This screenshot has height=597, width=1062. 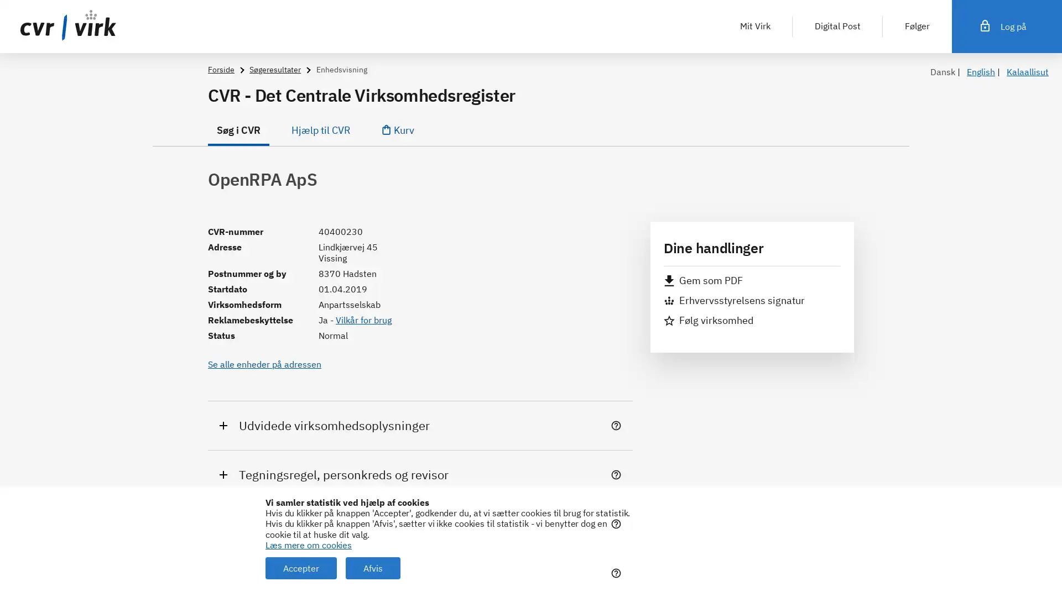 I want to click on Ls mere om Tegningsregel, personkreds og revisor, so click(x=618, y=474).